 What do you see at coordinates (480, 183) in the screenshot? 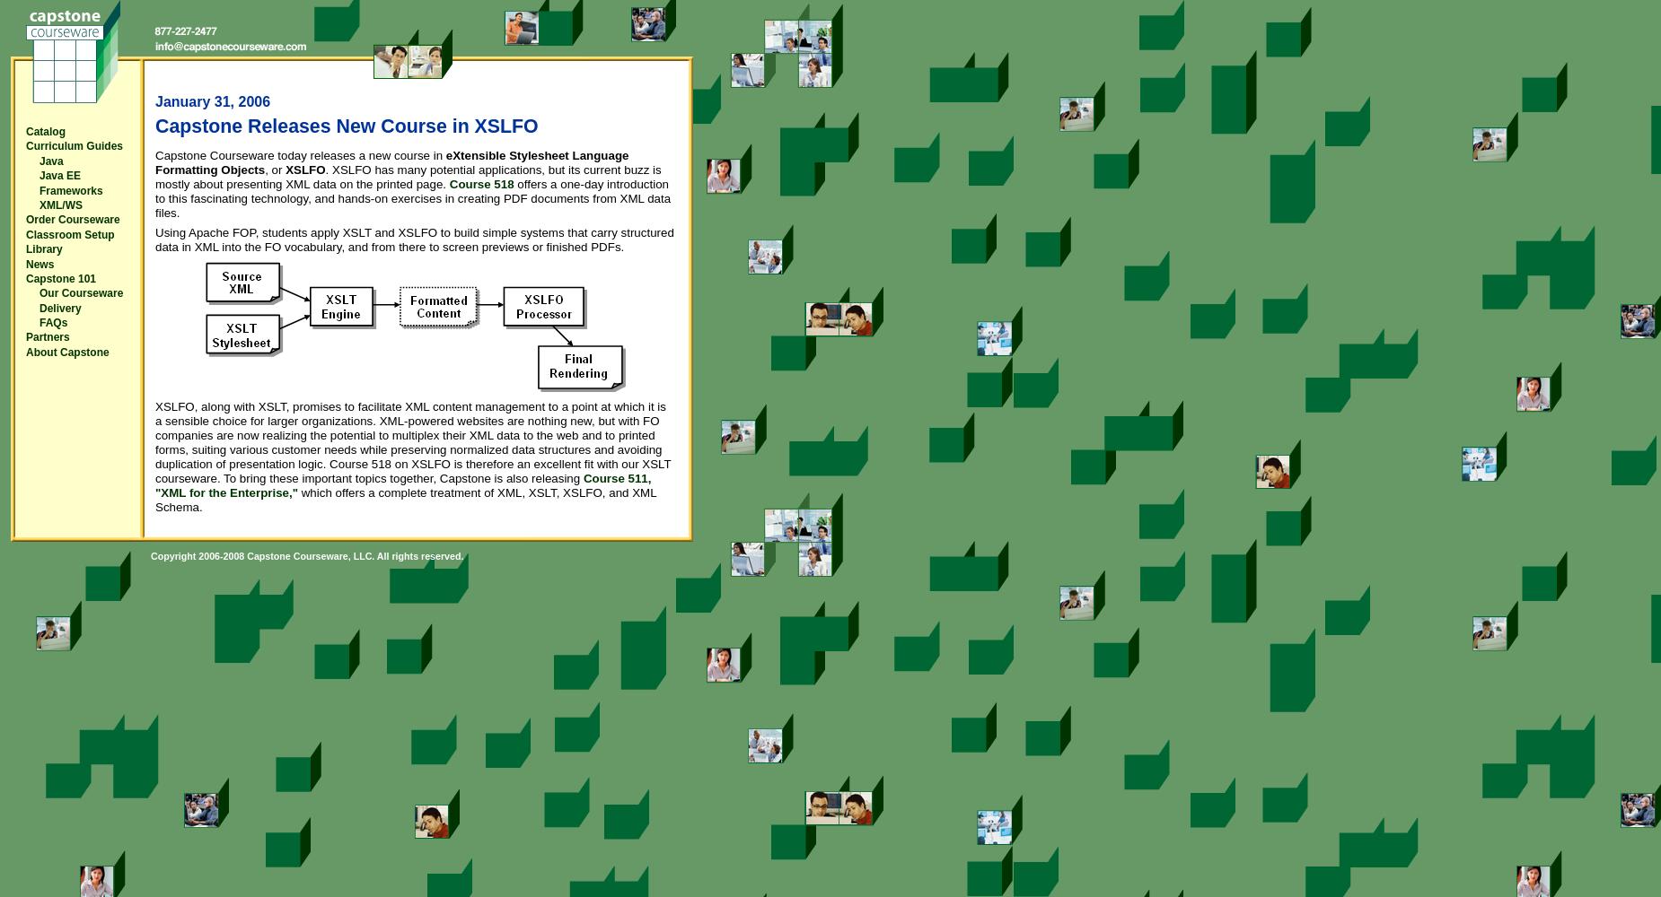
I see `'Course 518'` at bounding box center [480, 183].